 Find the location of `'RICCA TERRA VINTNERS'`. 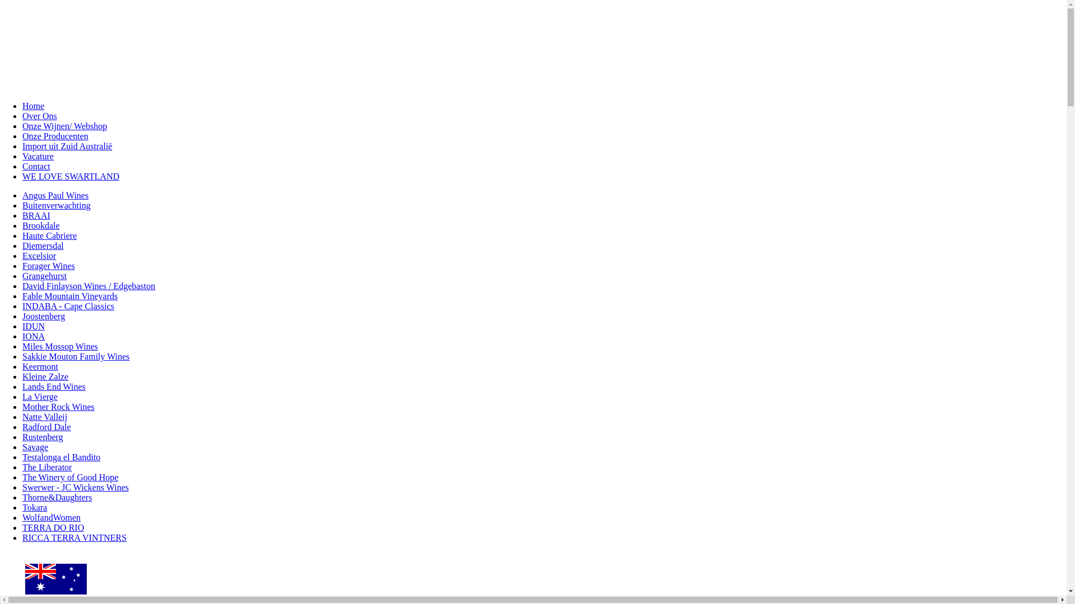

'RICCA TERRA VINTNERS' is located at coordinates (74, 537).